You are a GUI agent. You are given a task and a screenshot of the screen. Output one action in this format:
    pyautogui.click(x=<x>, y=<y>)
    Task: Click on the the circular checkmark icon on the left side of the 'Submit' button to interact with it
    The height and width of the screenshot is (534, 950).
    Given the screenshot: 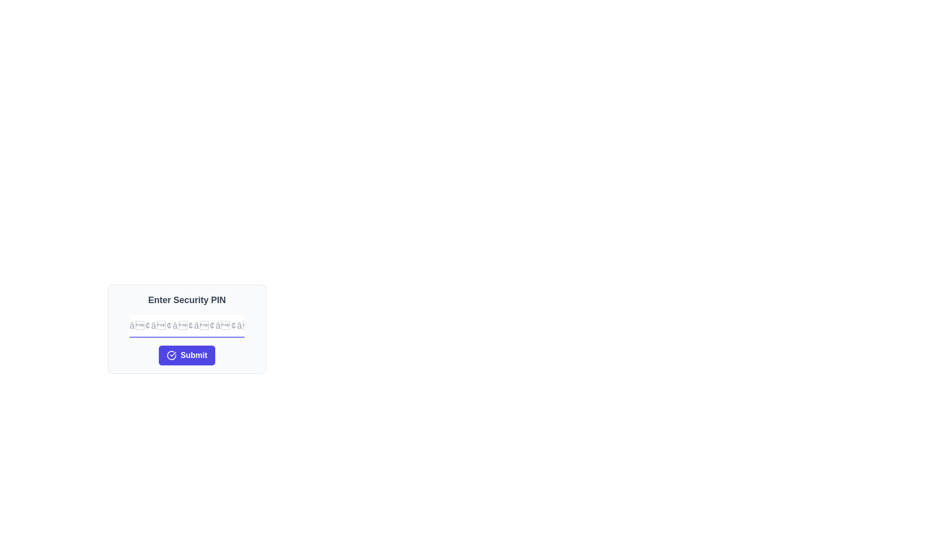 What is the action you would take?
    pyautogui.click(x=171, y=355)
    